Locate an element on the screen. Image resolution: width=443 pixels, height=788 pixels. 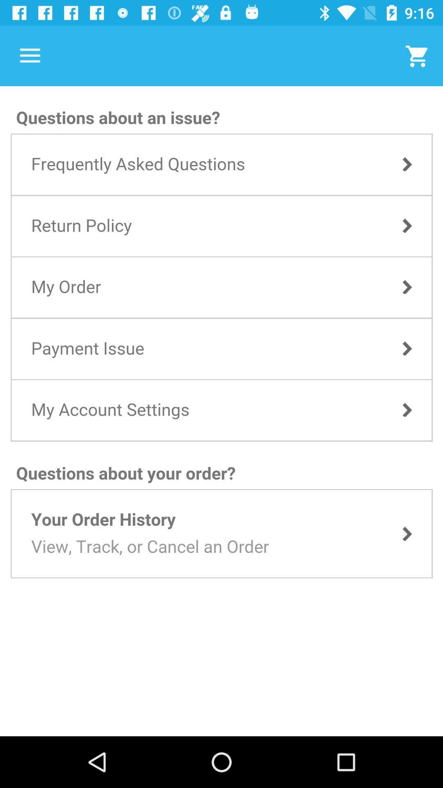
faq screen is located at coordinates (221, 411).